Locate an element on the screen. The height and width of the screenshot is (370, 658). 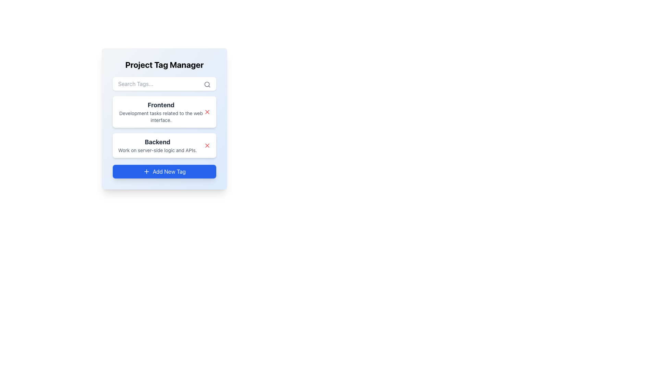
textual information from the 'Backend' text block, which is the second item in the vertical list of cards in the 'Project Tag Manager' interface is located at coordinates (157, 145).